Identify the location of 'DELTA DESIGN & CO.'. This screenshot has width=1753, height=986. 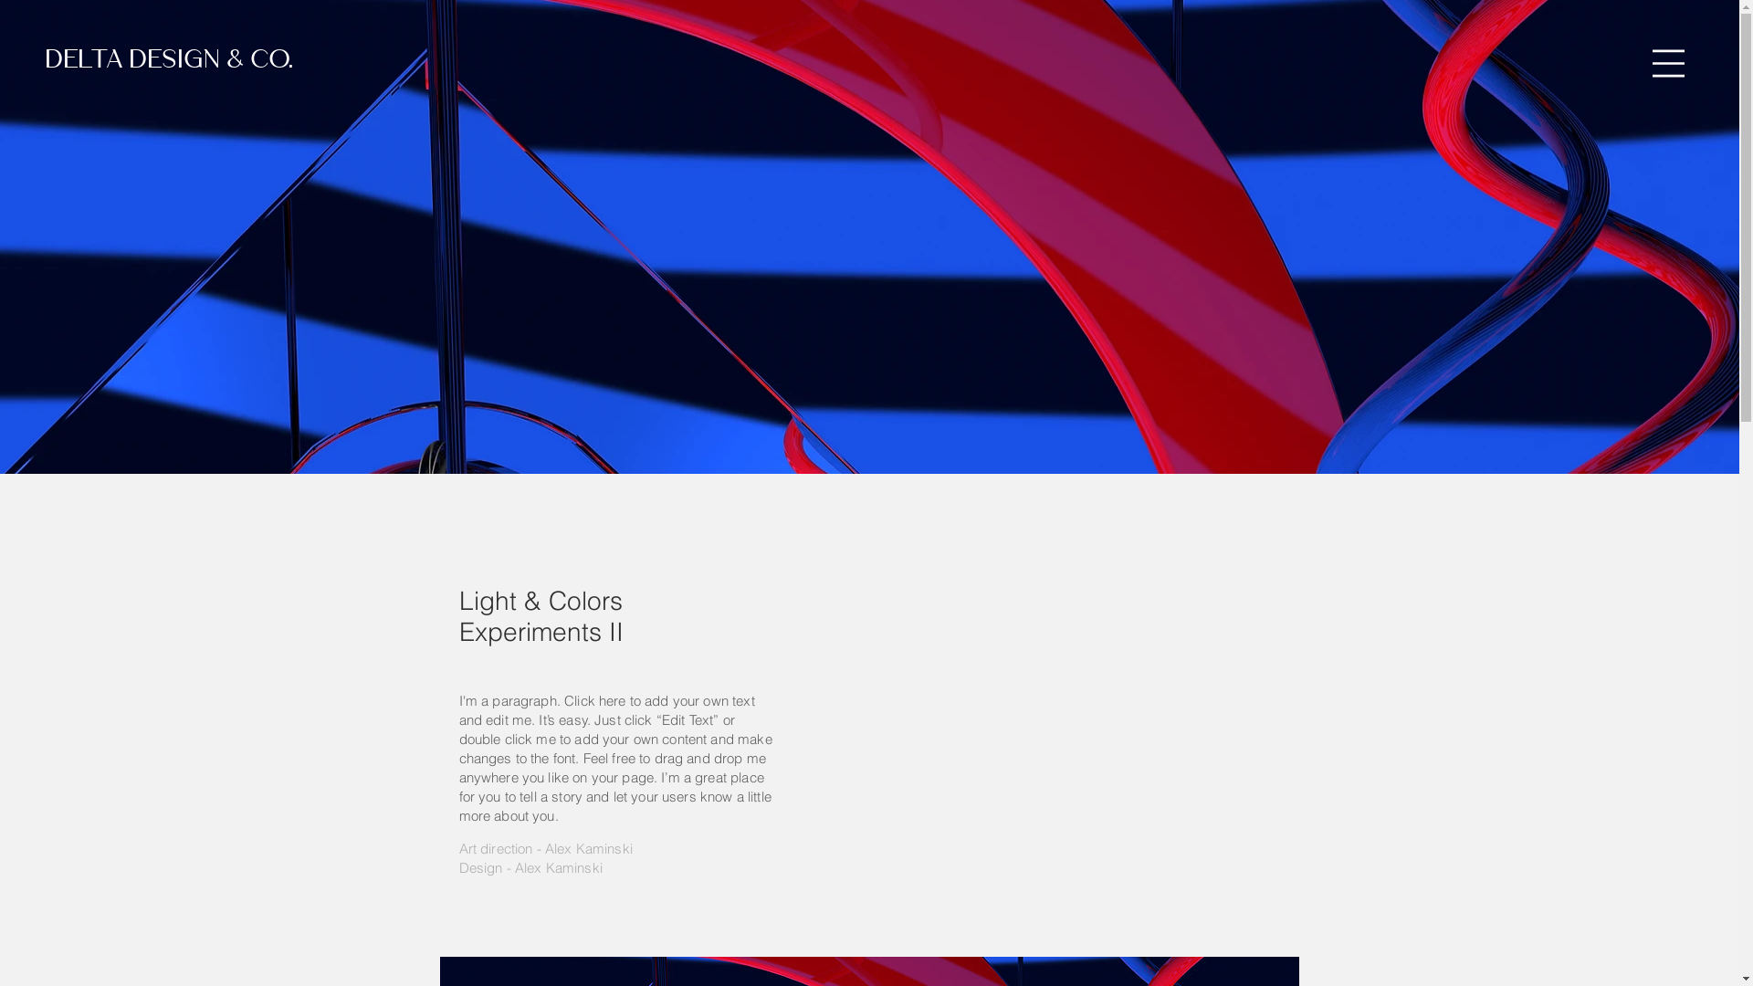
(169, 60).